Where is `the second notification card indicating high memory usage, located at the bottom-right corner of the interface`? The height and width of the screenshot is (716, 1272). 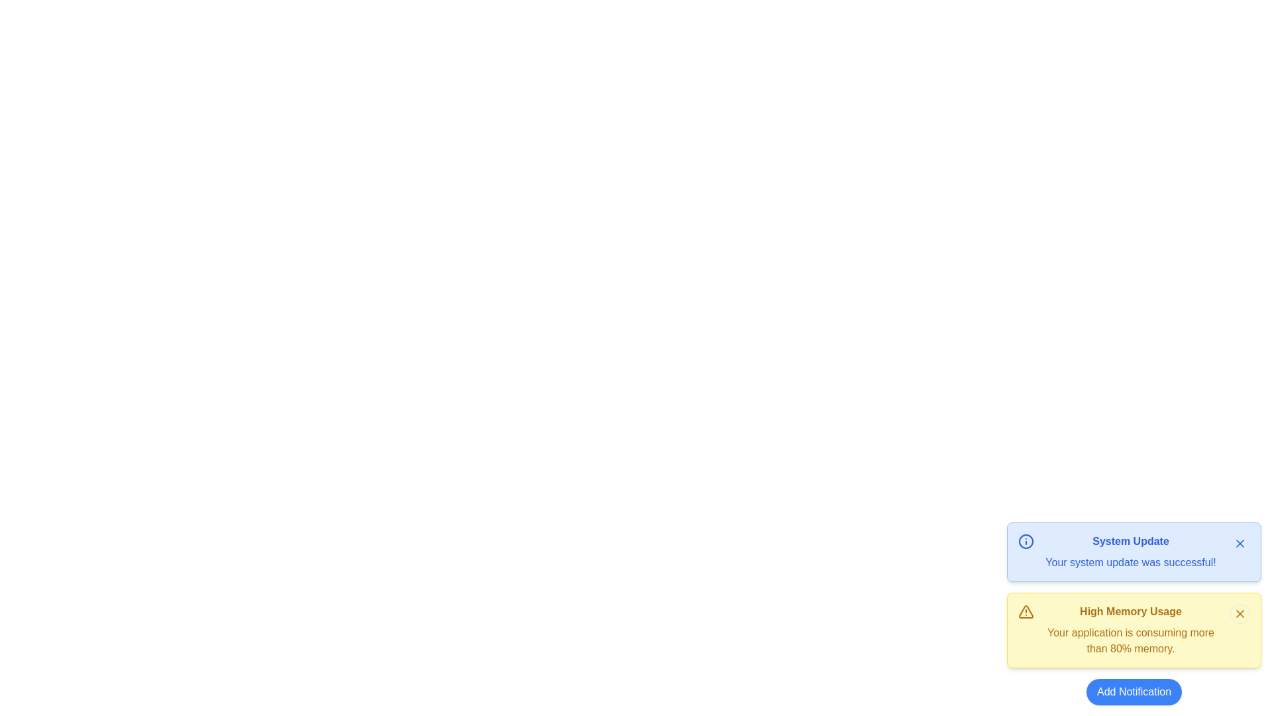 the second notification card indicating high memory usage, located at the bottom-right corner of the interface is located at coordinates (1134, 630).